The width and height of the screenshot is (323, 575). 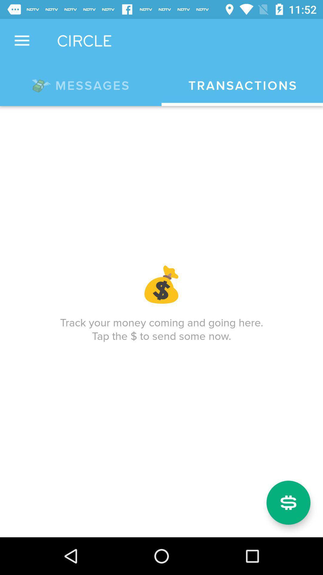 I want to click on the *messages, so click(x=81, y=84).